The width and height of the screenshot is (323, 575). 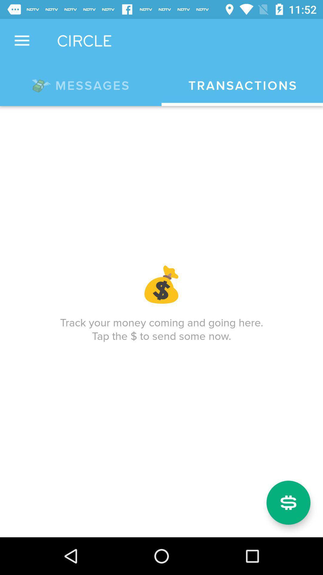 I want to click on the *messages, so click(x=81, y=84).